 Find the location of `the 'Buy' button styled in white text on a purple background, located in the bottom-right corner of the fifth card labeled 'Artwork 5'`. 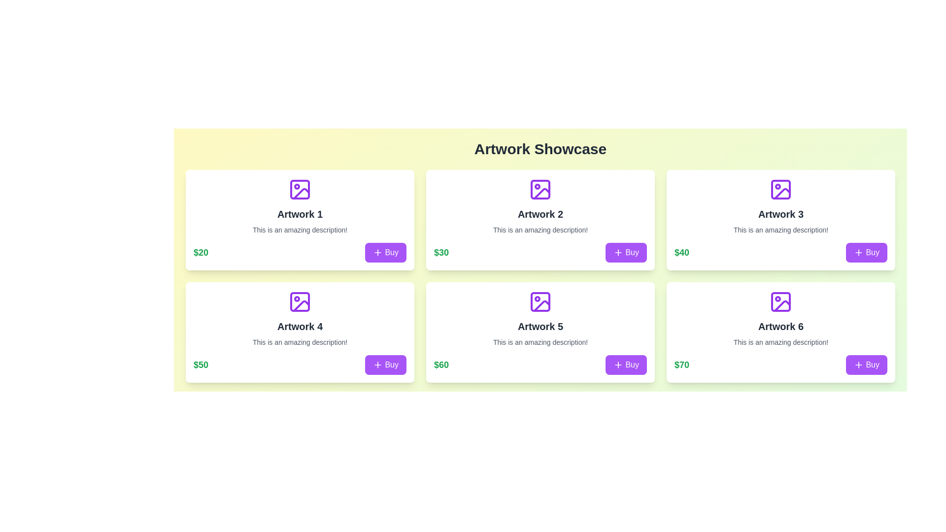

the 'Buy' button styled in white text on a purple background, located in the bottom-right corner of the fifth card labeled 'Artwork 5' is located at coordinates (632, 365).